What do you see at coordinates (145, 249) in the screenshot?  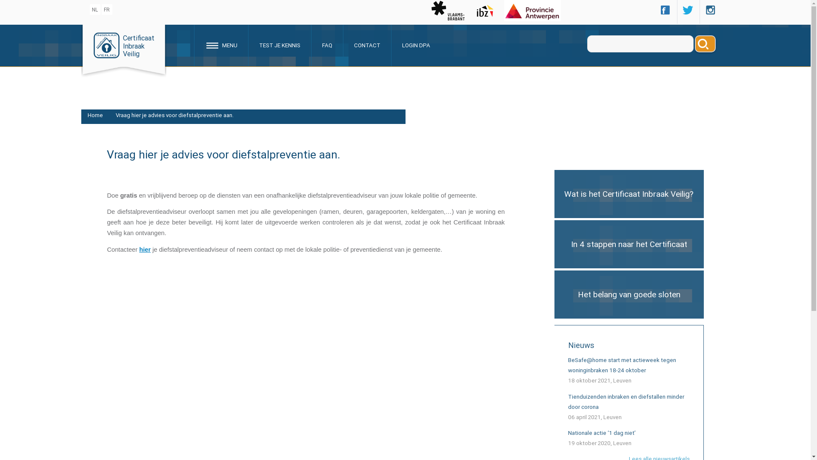 I see `'hier'` at bounding box center [145, 249].